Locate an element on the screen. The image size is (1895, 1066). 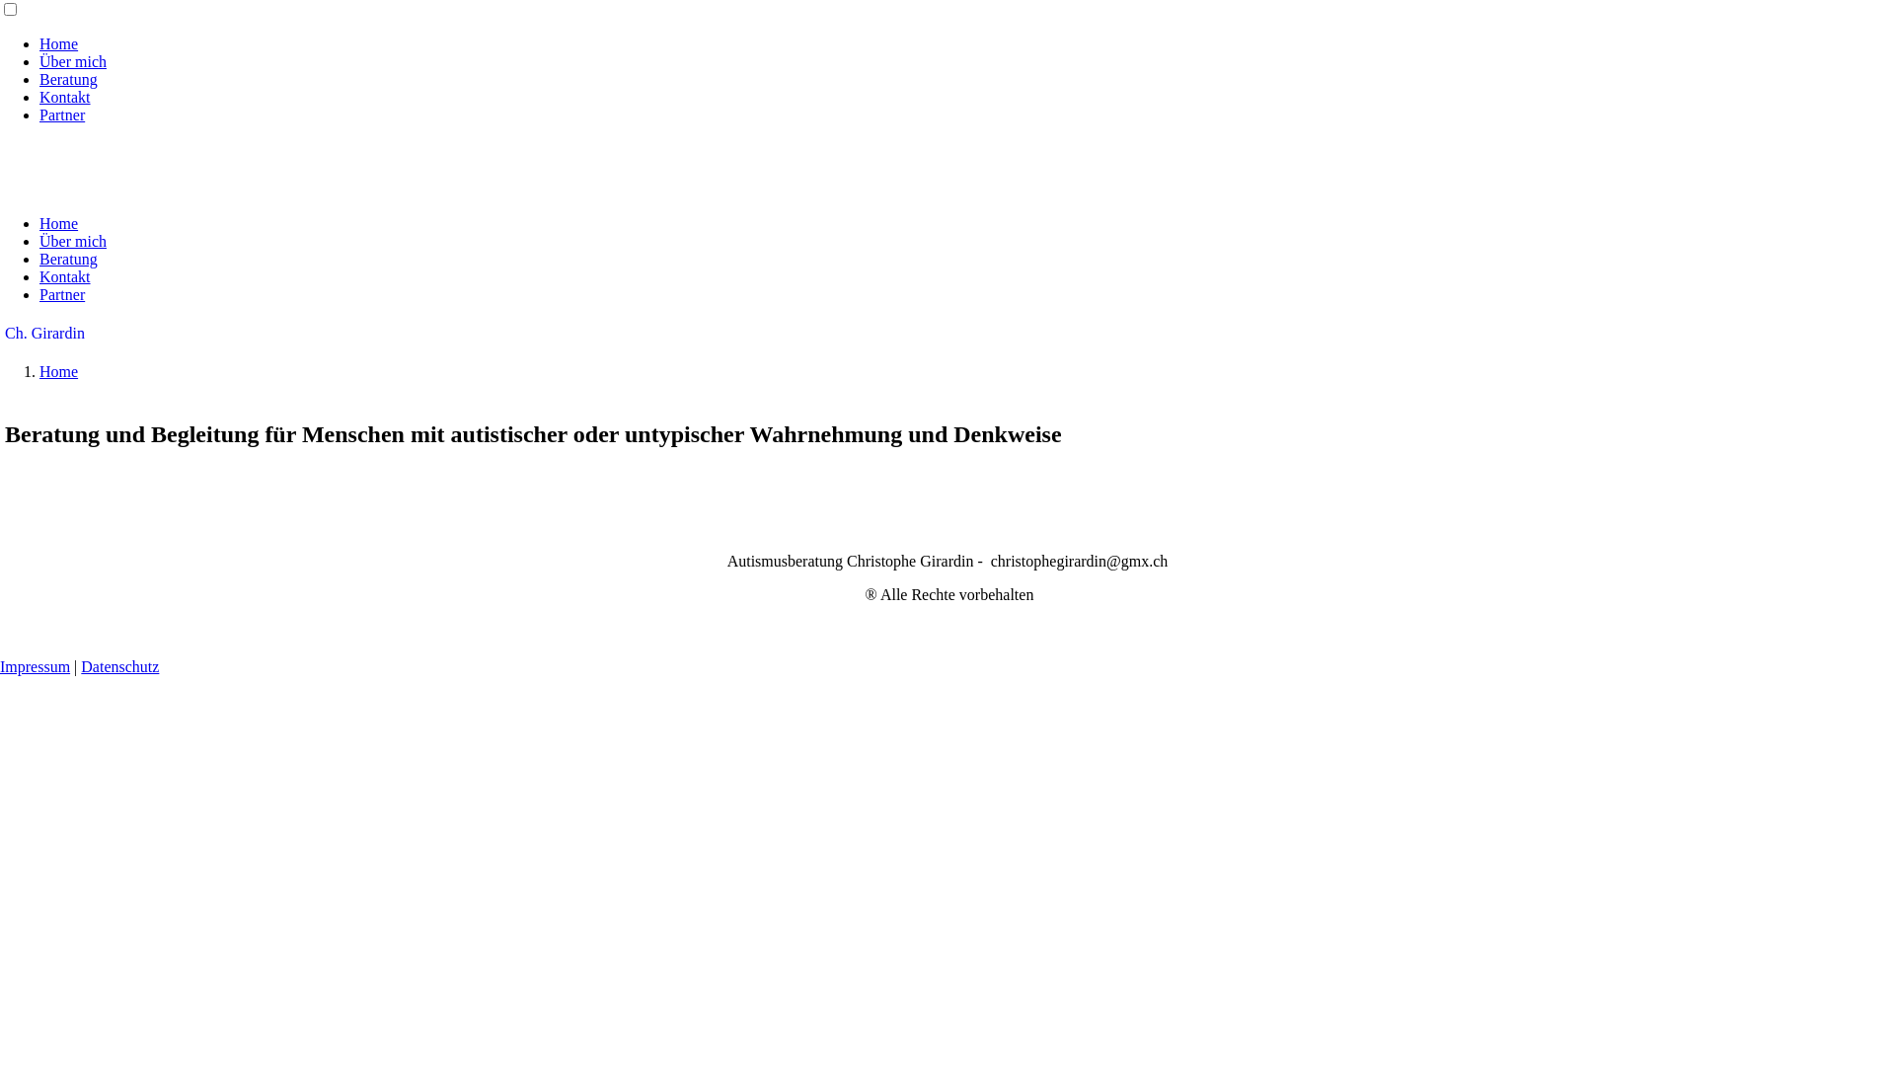
'Home' is located at coordinates (58, 222).